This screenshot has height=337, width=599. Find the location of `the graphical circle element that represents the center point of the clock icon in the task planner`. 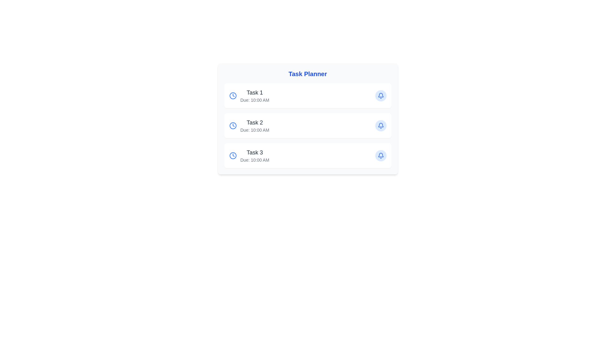

the graphical circle element that represents the center point of the clock icon in the task planner is located at coordinates (232, 96).